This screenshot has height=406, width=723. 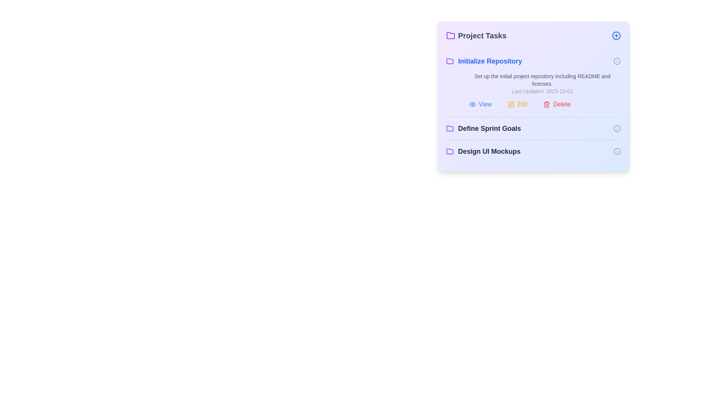 I want to click on the text label indicating the name of a task or folder within the 'Project Tasks' card-like structure, so click(x=484, y=61).